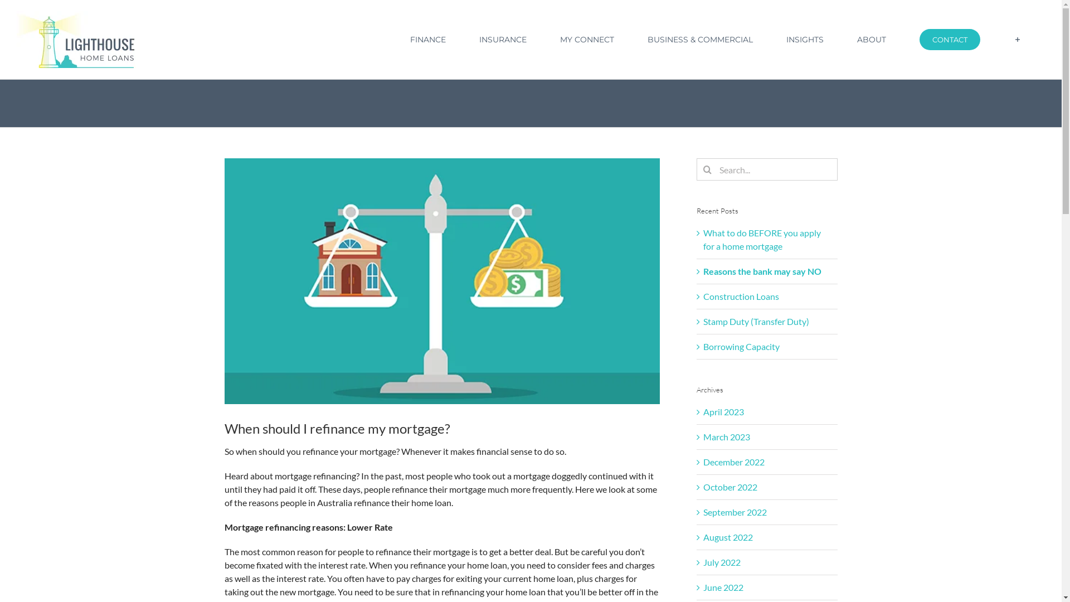  What do you see at coordinates (703, 411) in the screenshot?
I see `'April 2023'` at bounding box center [703, 411].